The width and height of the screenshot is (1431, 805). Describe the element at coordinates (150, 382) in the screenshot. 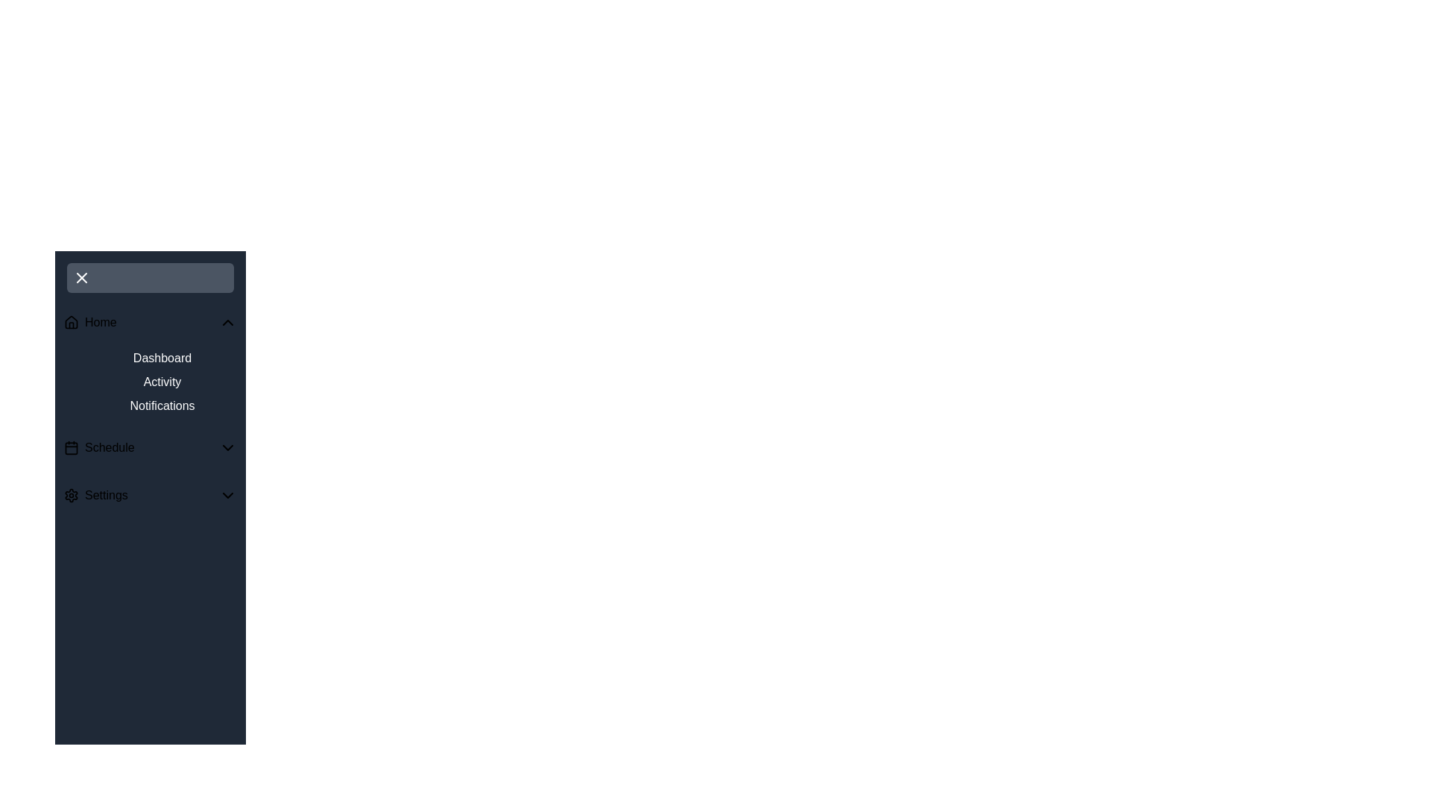

I see `the 'Activity' text menu item in the vertical sidebar to change its visual state` at that location.